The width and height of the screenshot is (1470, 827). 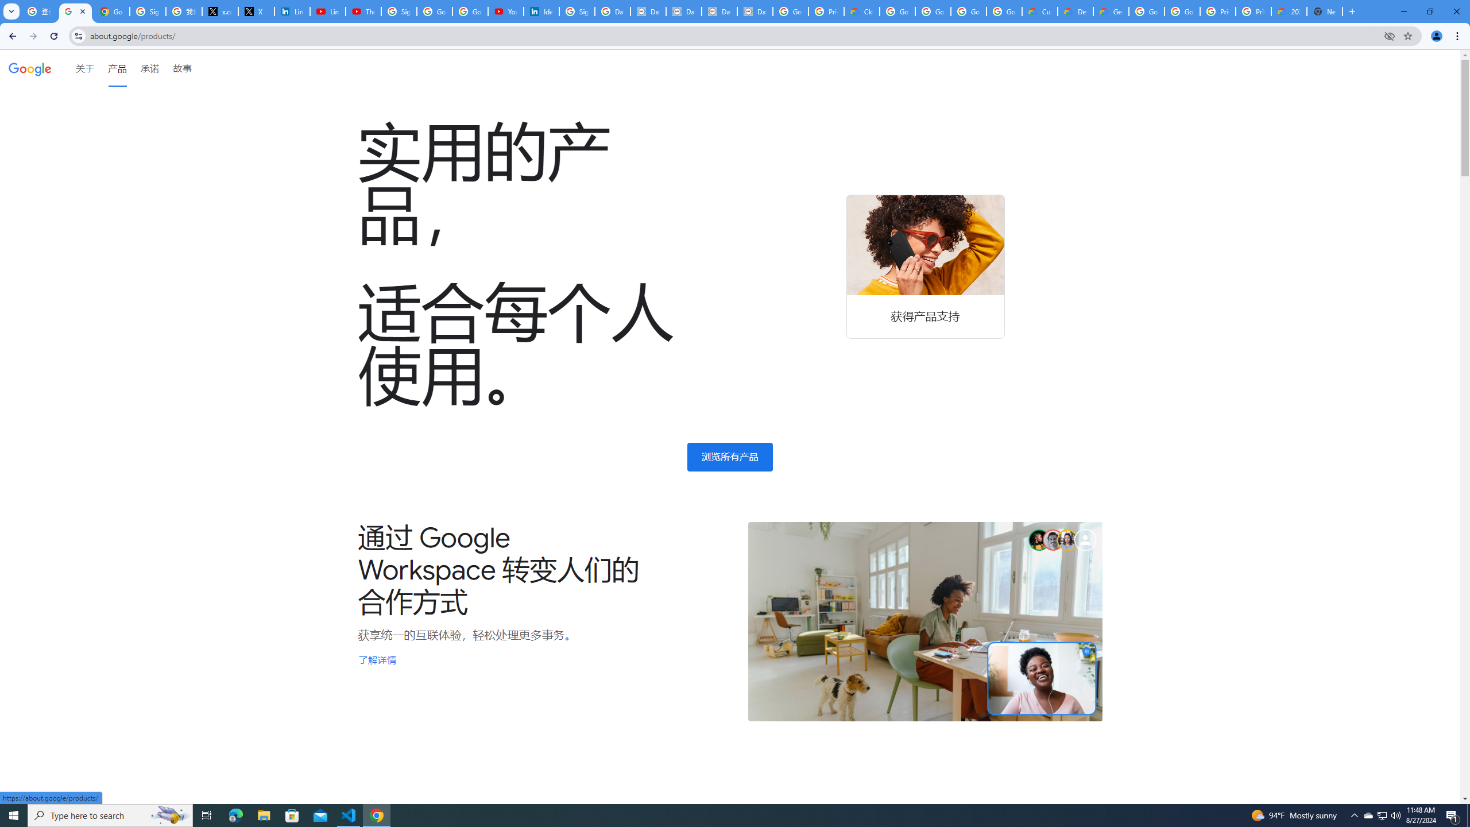 What do you see at coordinates (1146, 11) in the screenshot?
I see `'Google Cloud Platform'` at bounding box center [1146, 11].